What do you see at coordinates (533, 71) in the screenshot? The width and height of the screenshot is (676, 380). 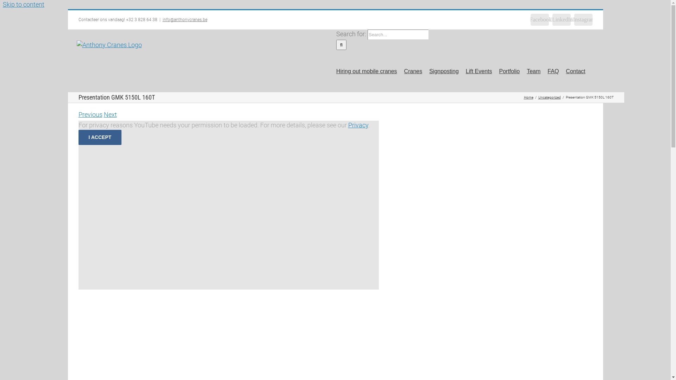 I see `'Team'` at bounding box center [533, 71].